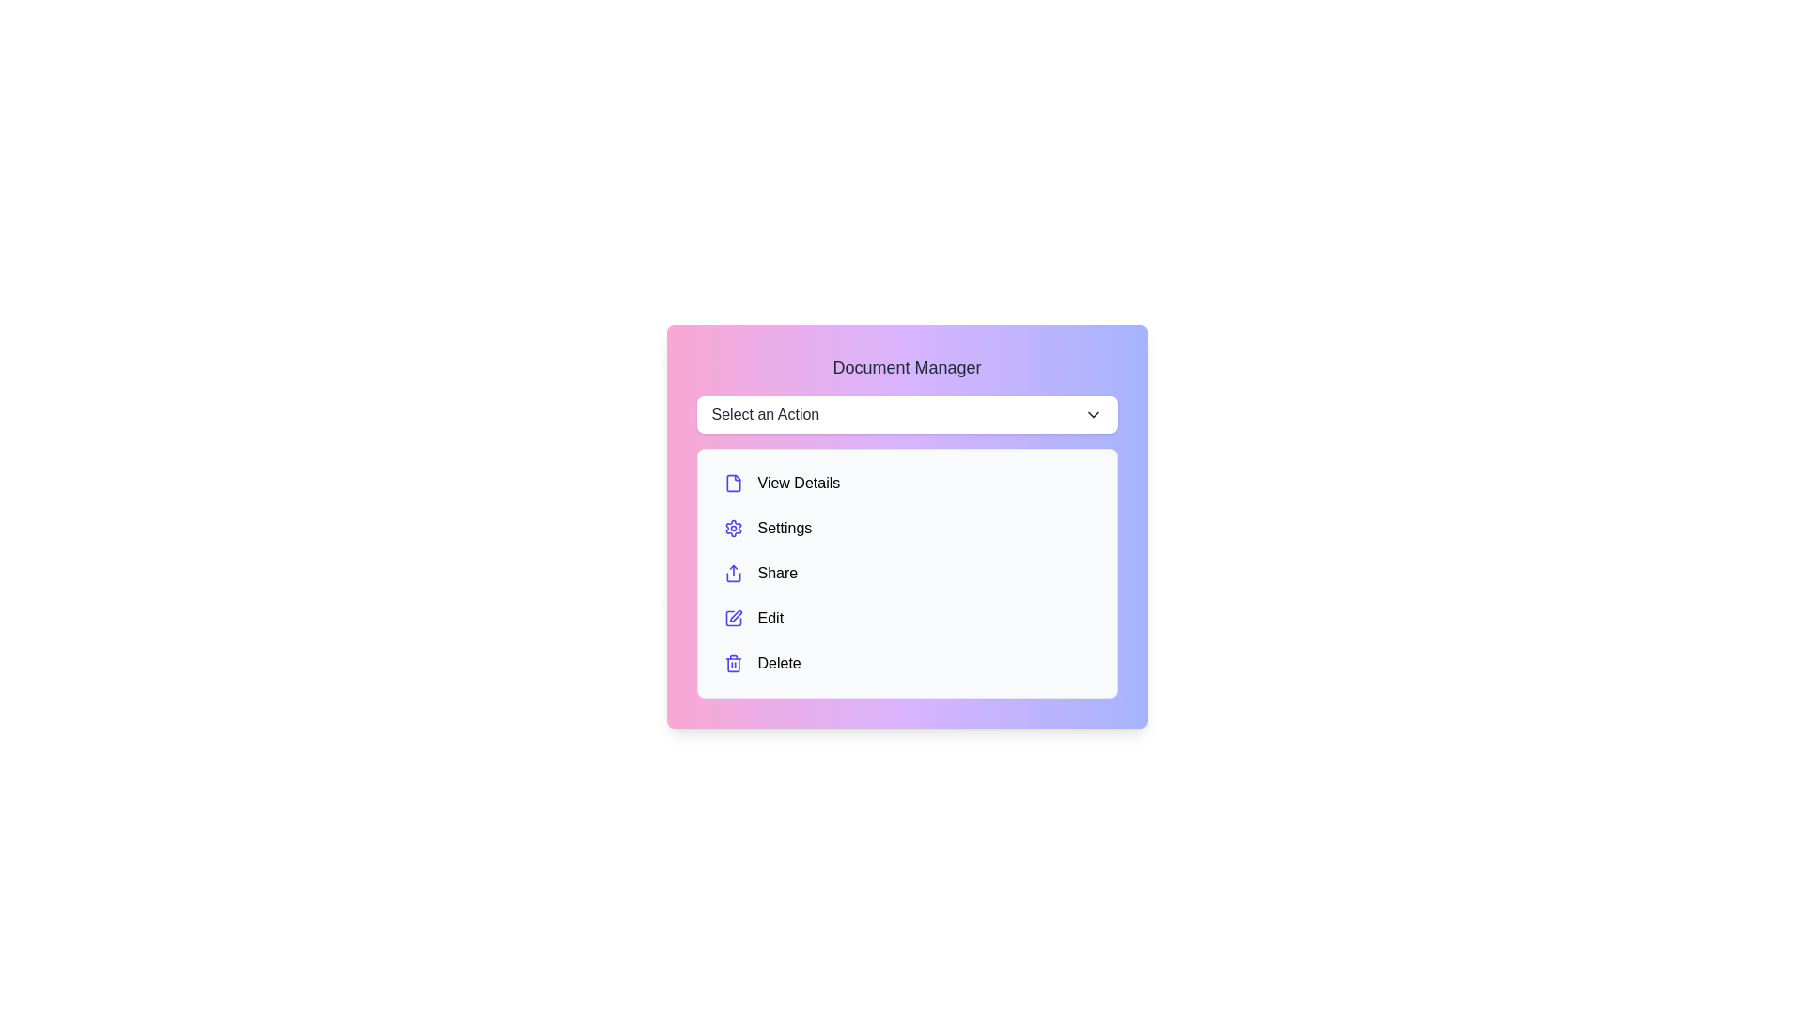 Image resolution: width=1804 pixels, height=1014 pixels. Describe the element at coordinates (907, 662) in the screenshot. I see `the delete menu option button positioned as the last item under 'Select an Action'` at that location.